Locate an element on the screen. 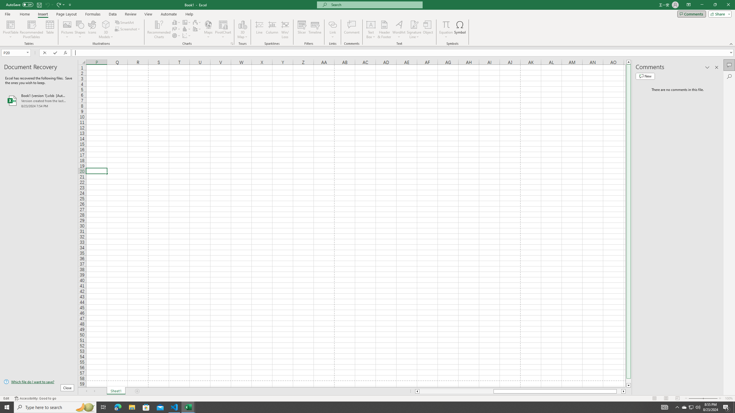 This screenshot has width=735, height=413. 'PivotTable' is located at coordinates (10, 24).